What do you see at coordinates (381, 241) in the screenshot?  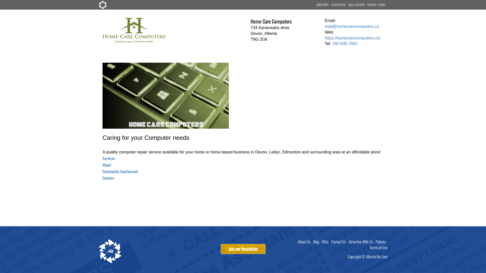 I see `'Policies'` at bounding box center [381, 241].